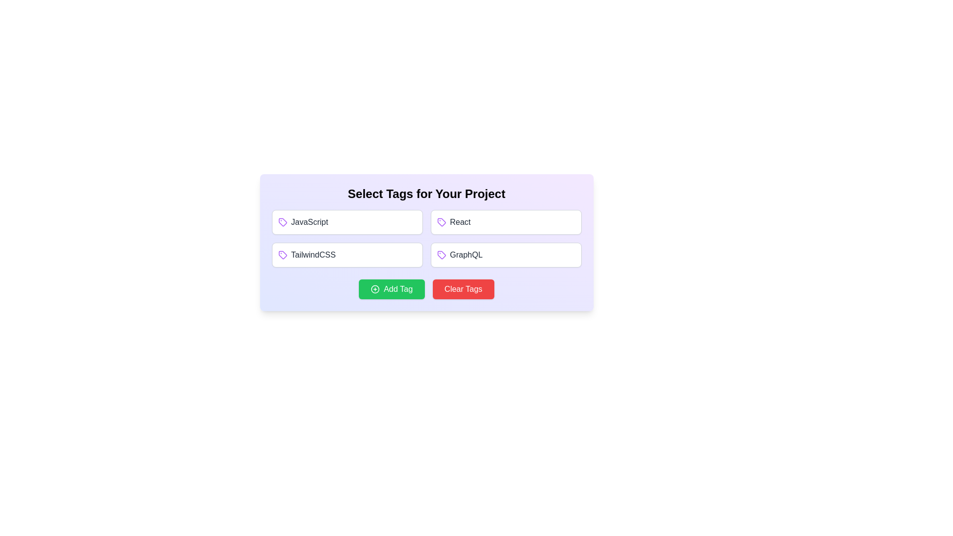 The height and width of the screenshot is (536, 953). Describe the element at coordinates (506, 254) in the screenshot. I see `the tag GraphQL to select it` at that location.